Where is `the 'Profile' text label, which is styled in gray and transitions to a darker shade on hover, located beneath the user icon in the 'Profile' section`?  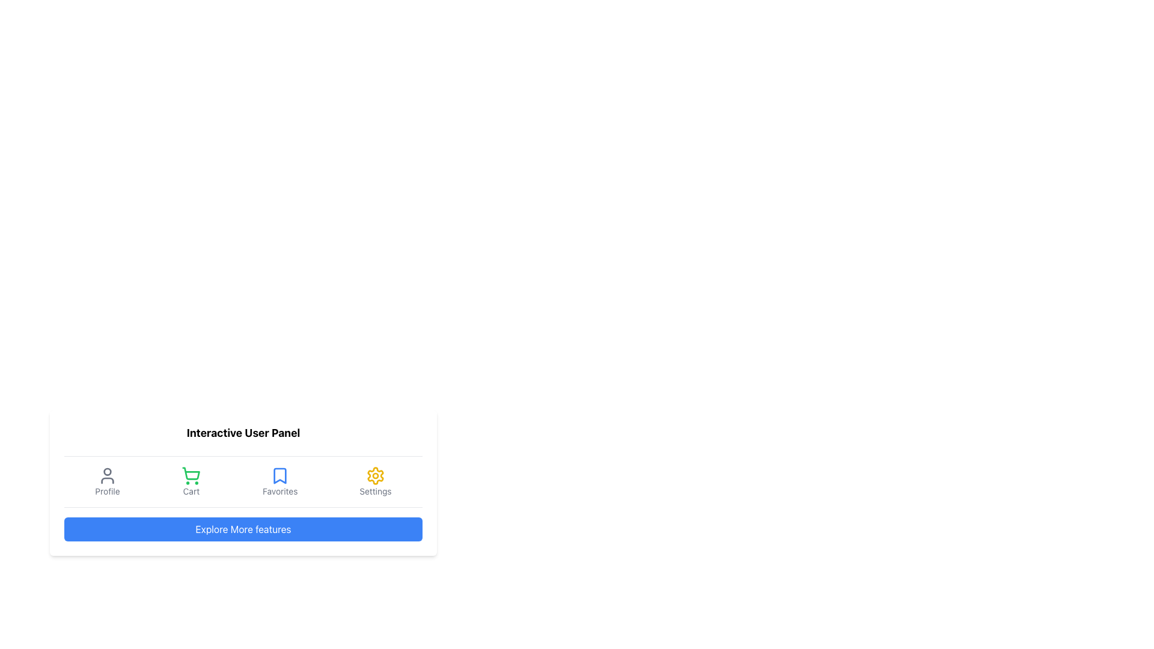
the 'Profile' text label, which is styled in gray and transitions to a darker shade on hover, located beneath the user icon in the 'Profile' section is located at coordinates (107, 491).